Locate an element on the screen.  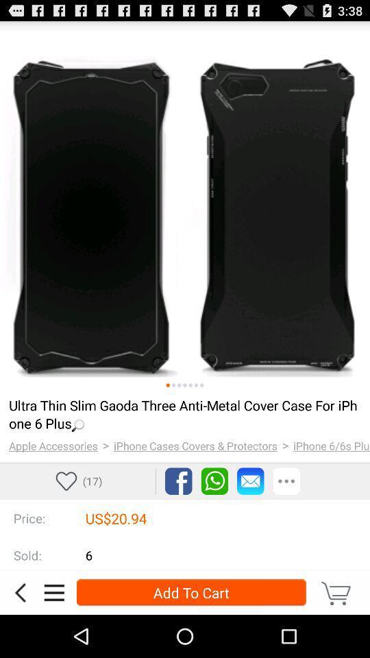
more images is located at coordinates (195, 385).